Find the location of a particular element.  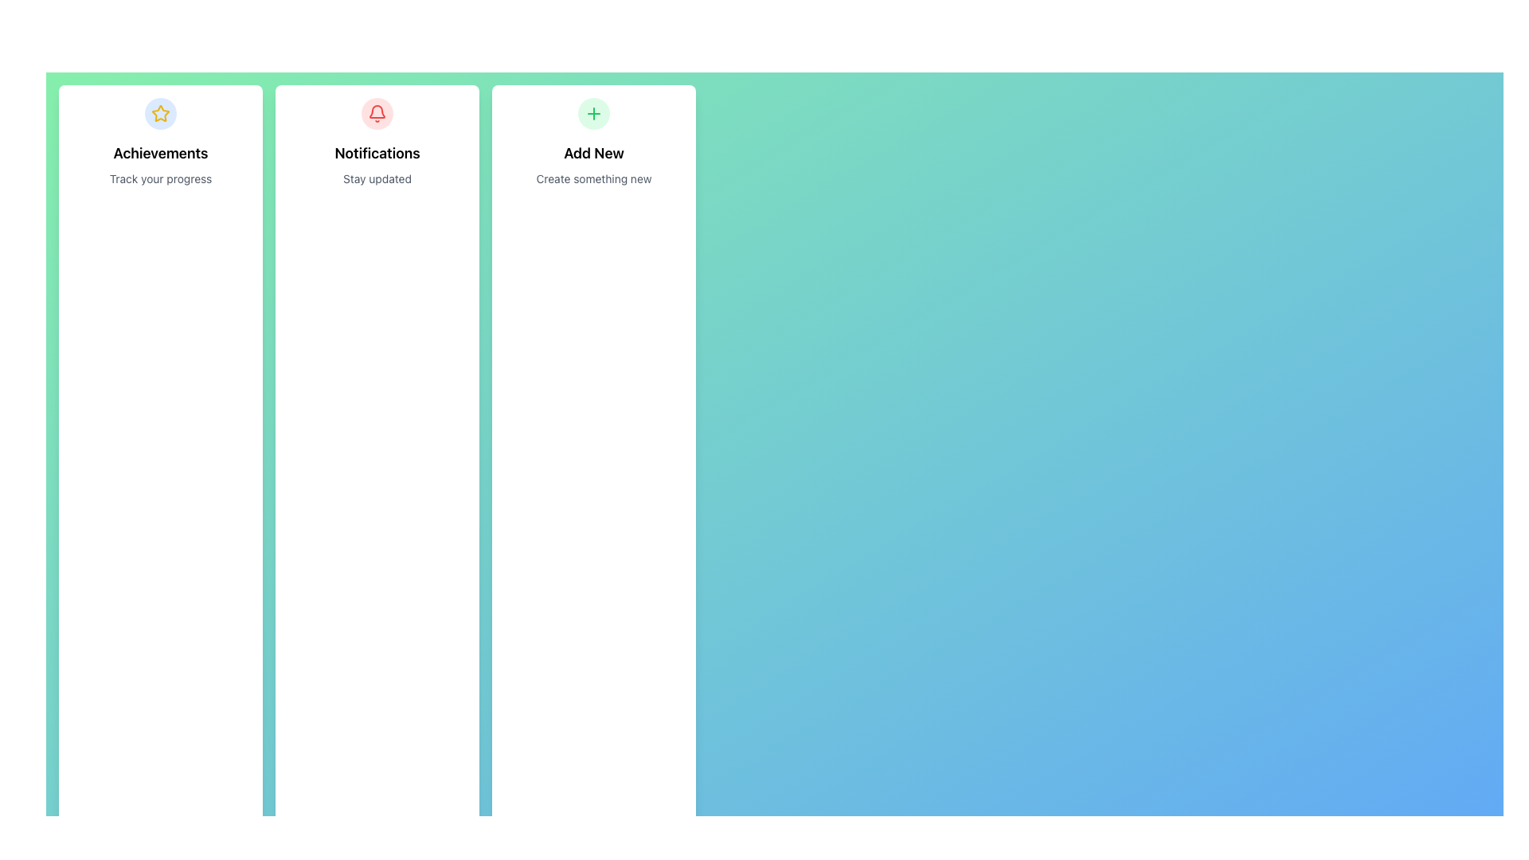

the bell icon located at the top-center of the 'Notifications' card to indicate the presence of new alerts or messages is located at coordinates (377, 112).